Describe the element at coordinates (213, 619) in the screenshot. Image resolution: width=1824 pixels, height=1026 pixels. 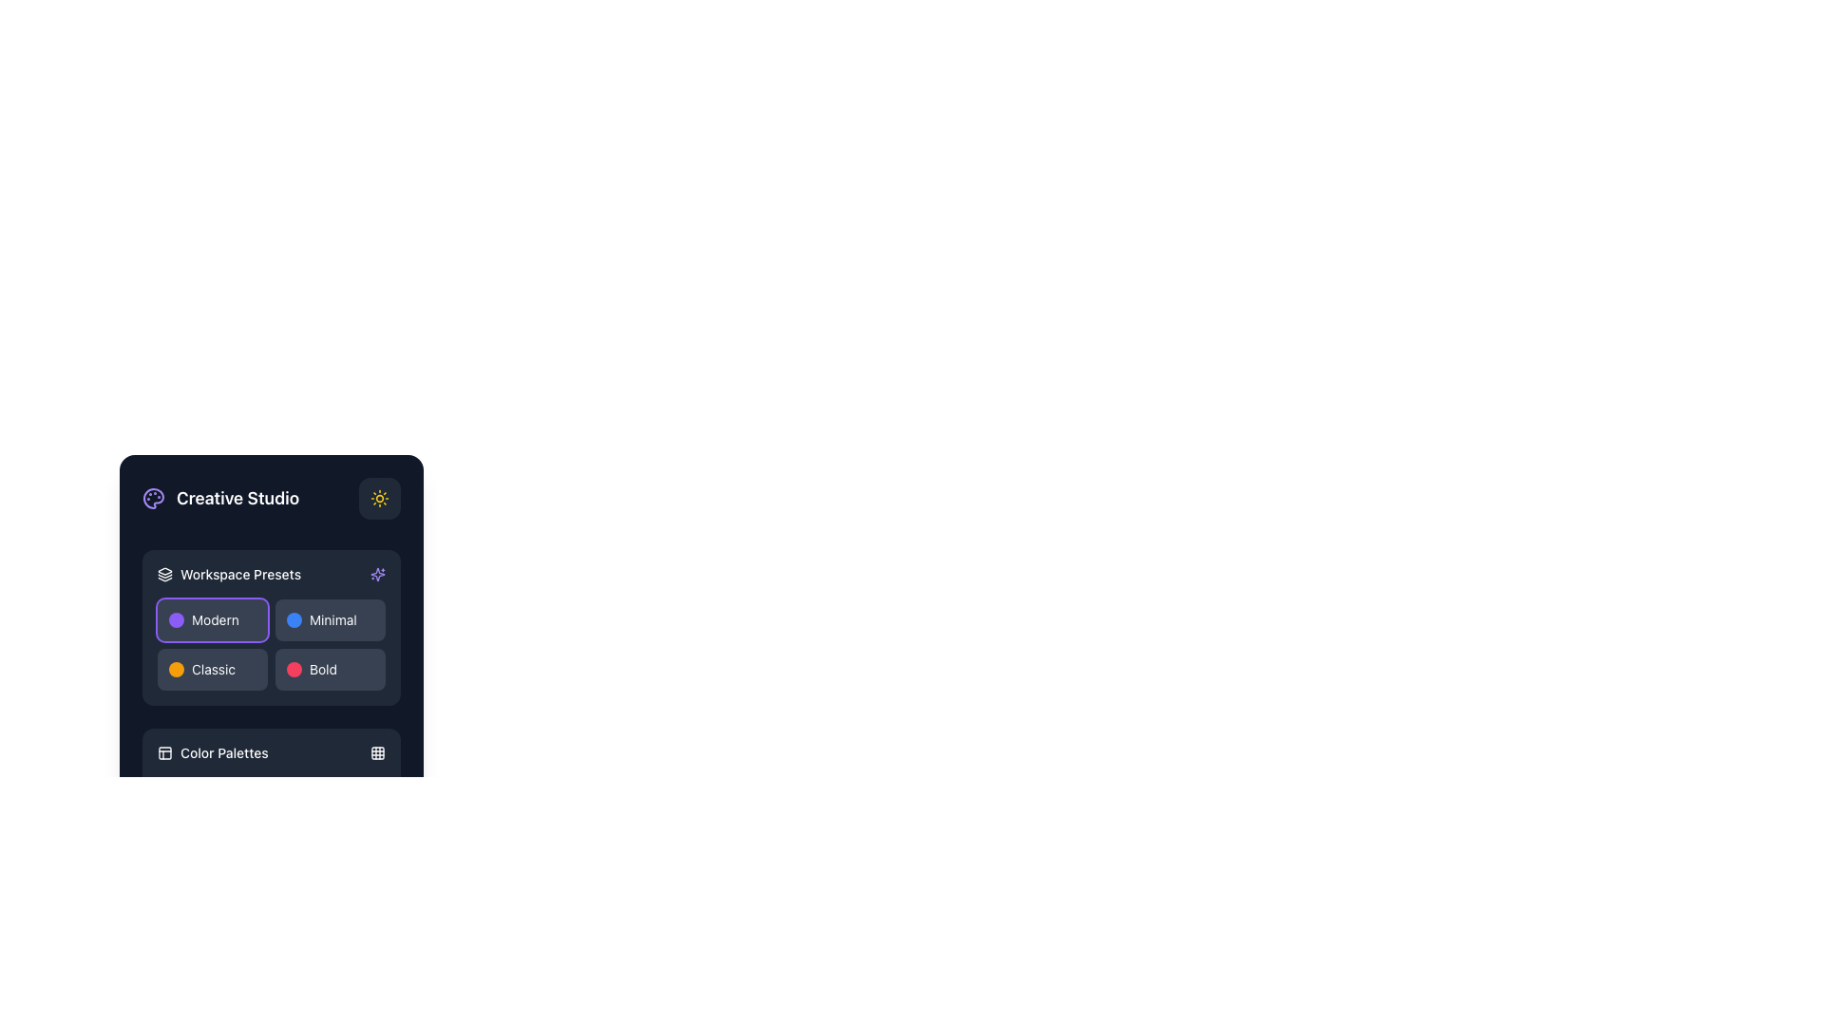
I see `the button labeled 'Modern', which has a violet circle on the left and a dark gray background` at that location.